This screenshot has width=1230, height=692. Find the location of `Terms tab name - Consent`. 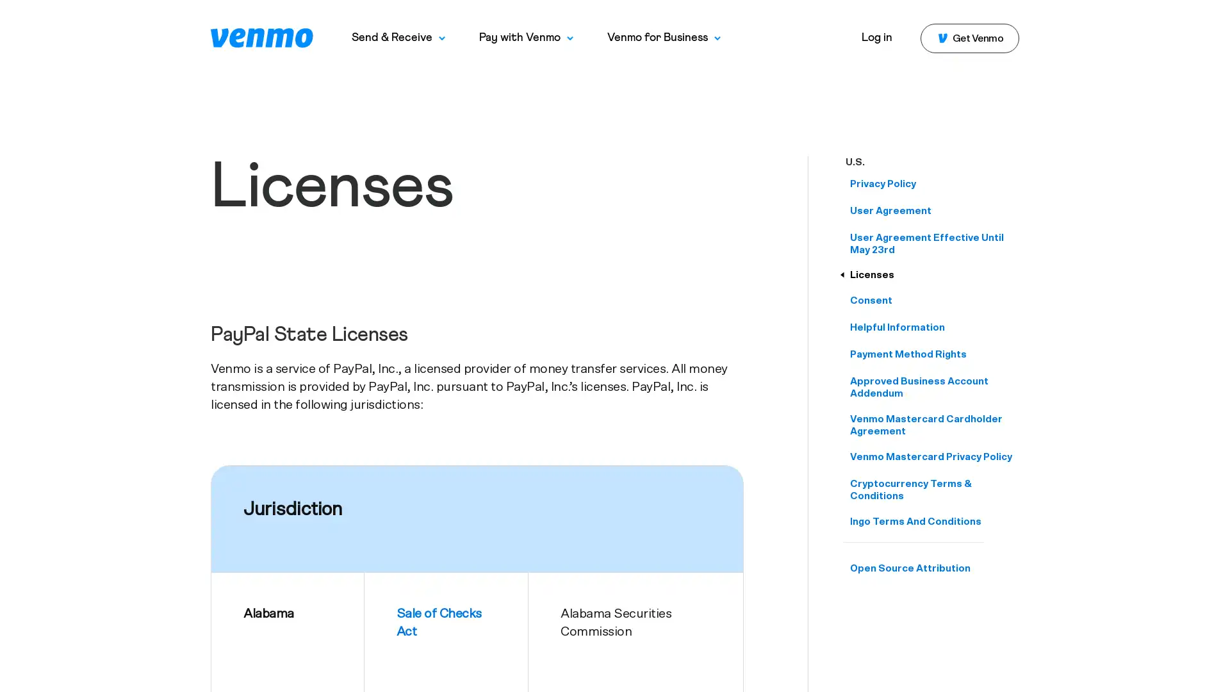

Terms tab name - Consent is located at coordinates (934, 301).